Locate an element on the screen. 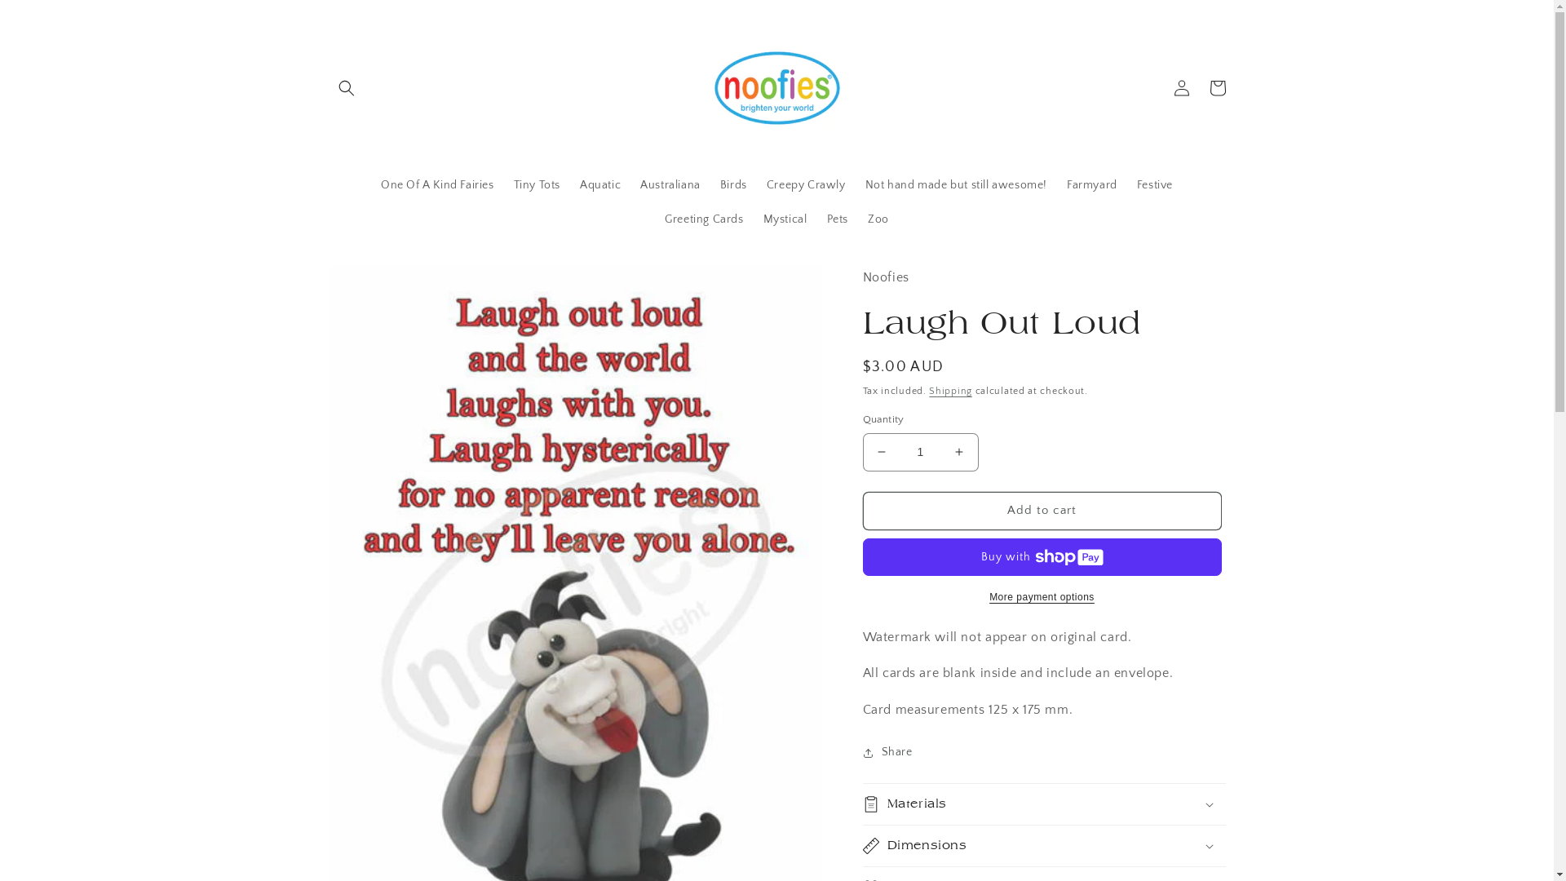  'Decrease quantity for Laugh Out Loud' is located at coordinates (880, 452).